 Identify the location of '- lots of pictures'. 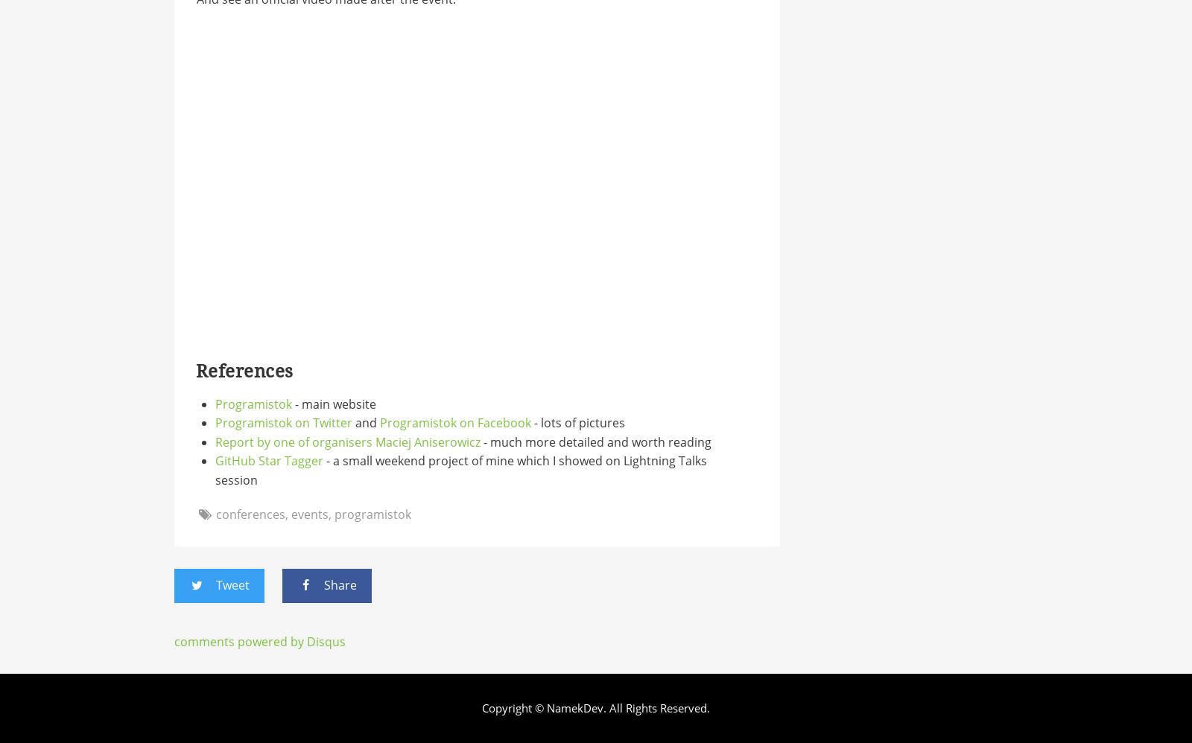
(577, 421).